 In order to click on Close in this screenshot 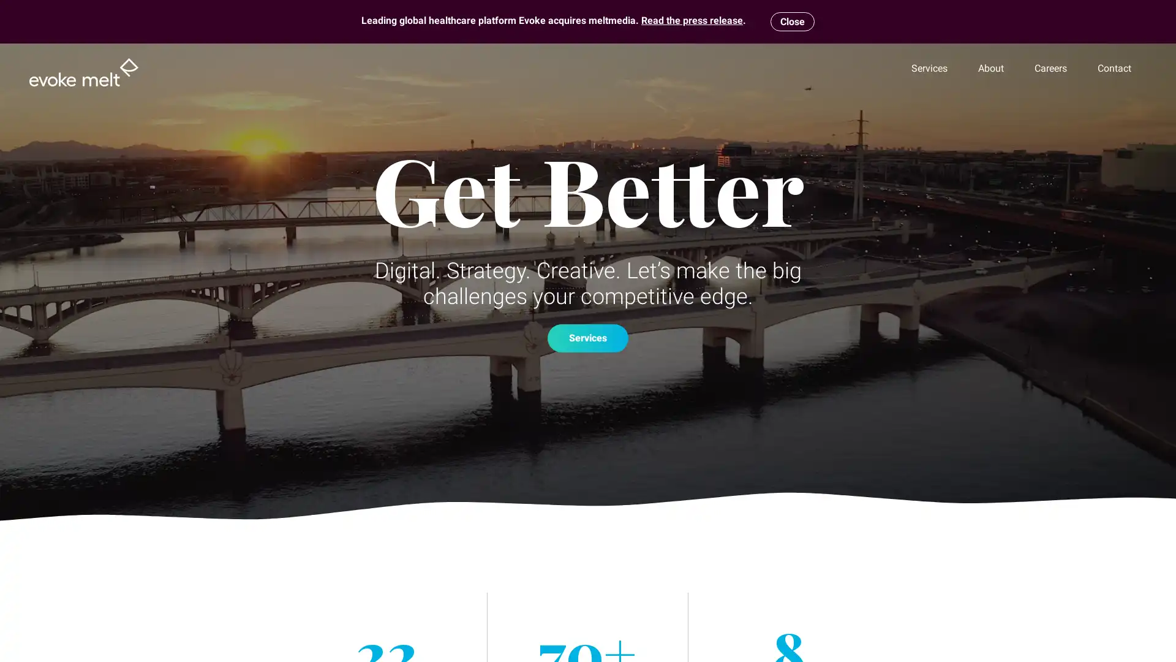, I will do `click(793, 21)`.